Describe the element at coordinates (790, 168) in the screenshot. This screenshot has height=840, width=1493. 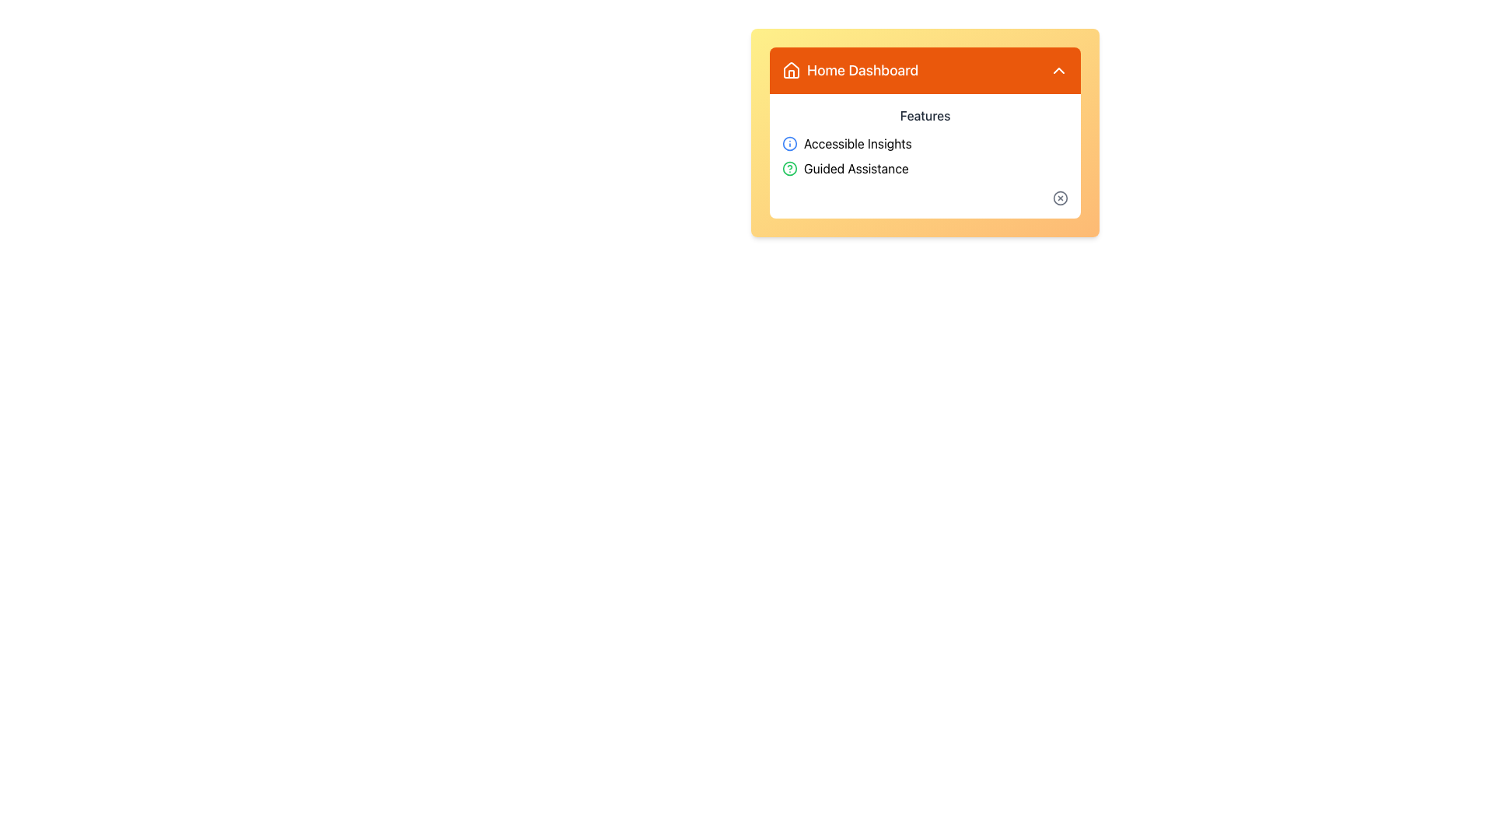
I see `the green circular icon with a question mark in its center` at that location.